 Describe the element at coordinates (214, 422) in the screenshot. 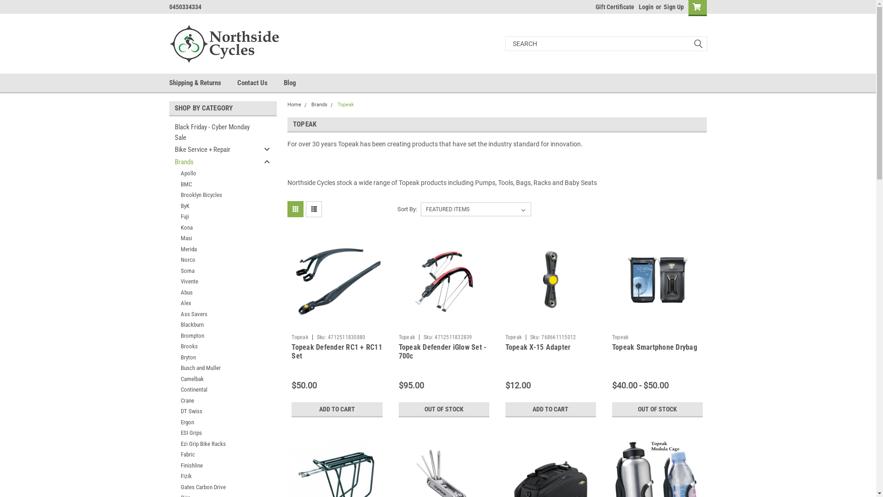

I see `'Ergon'` at that location.